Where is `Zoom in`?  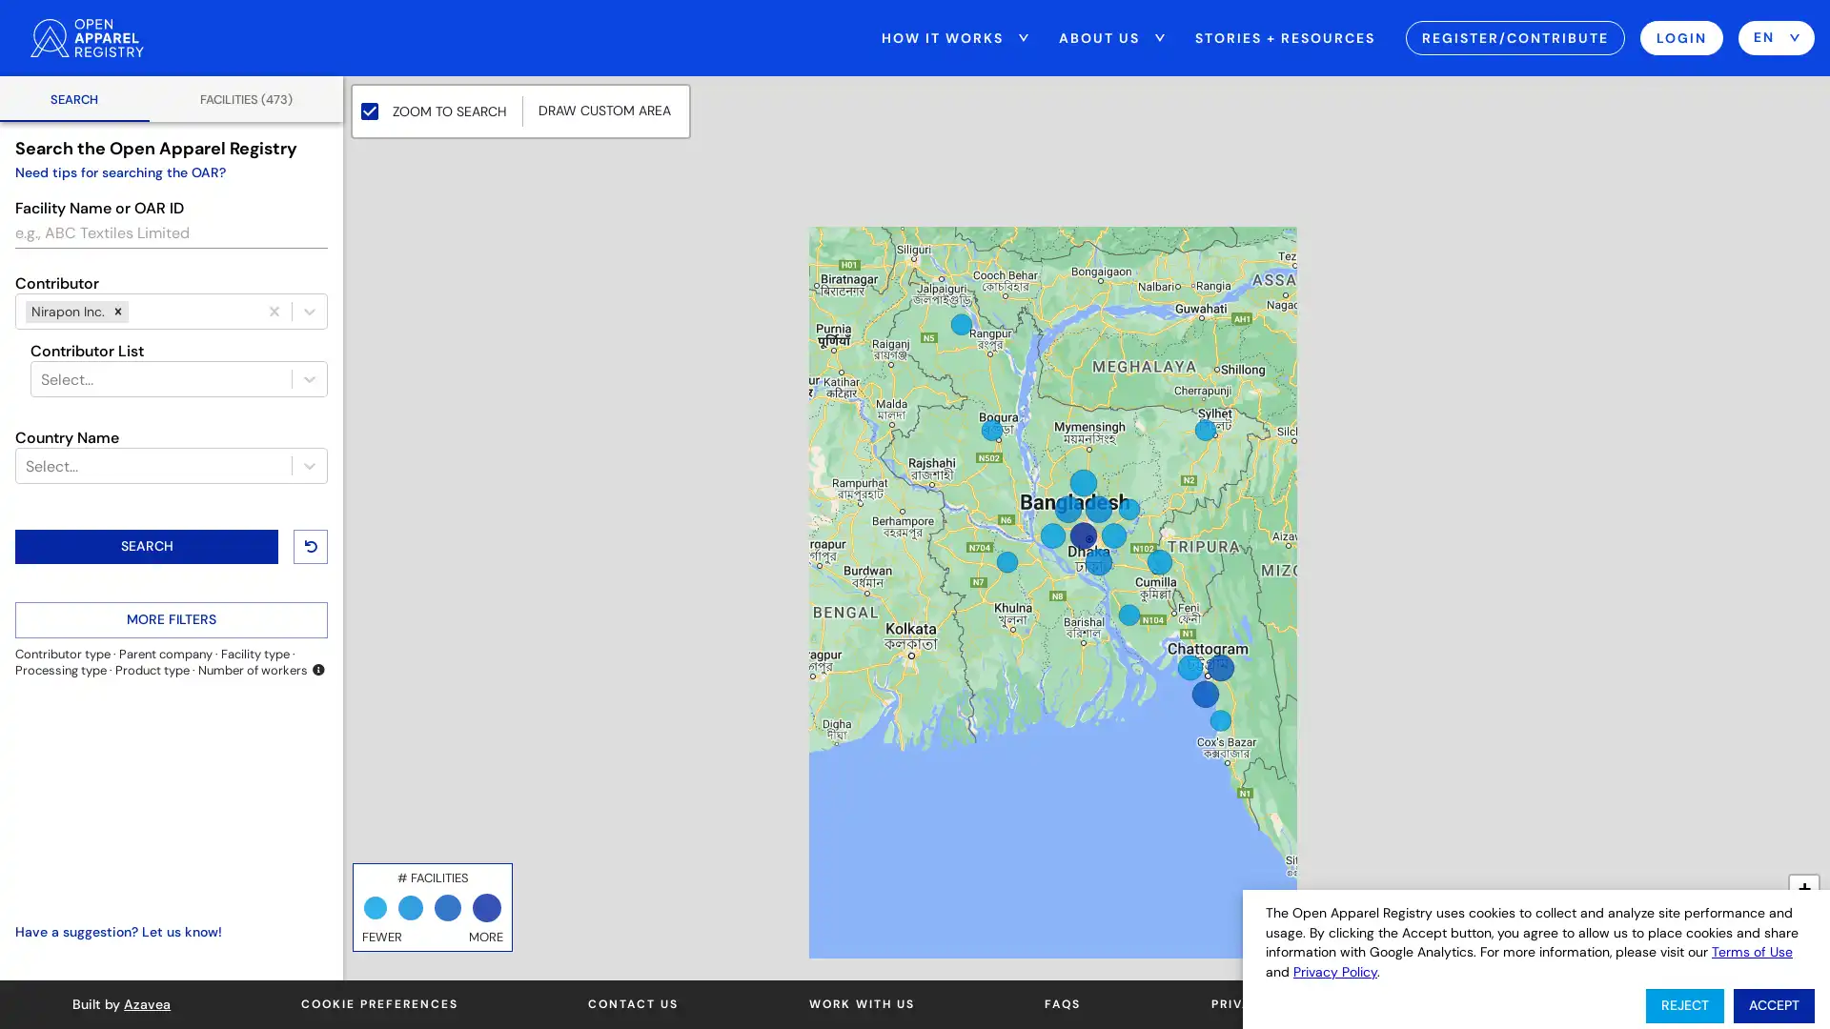
Zoom in is located at coordinates (1802, 889).